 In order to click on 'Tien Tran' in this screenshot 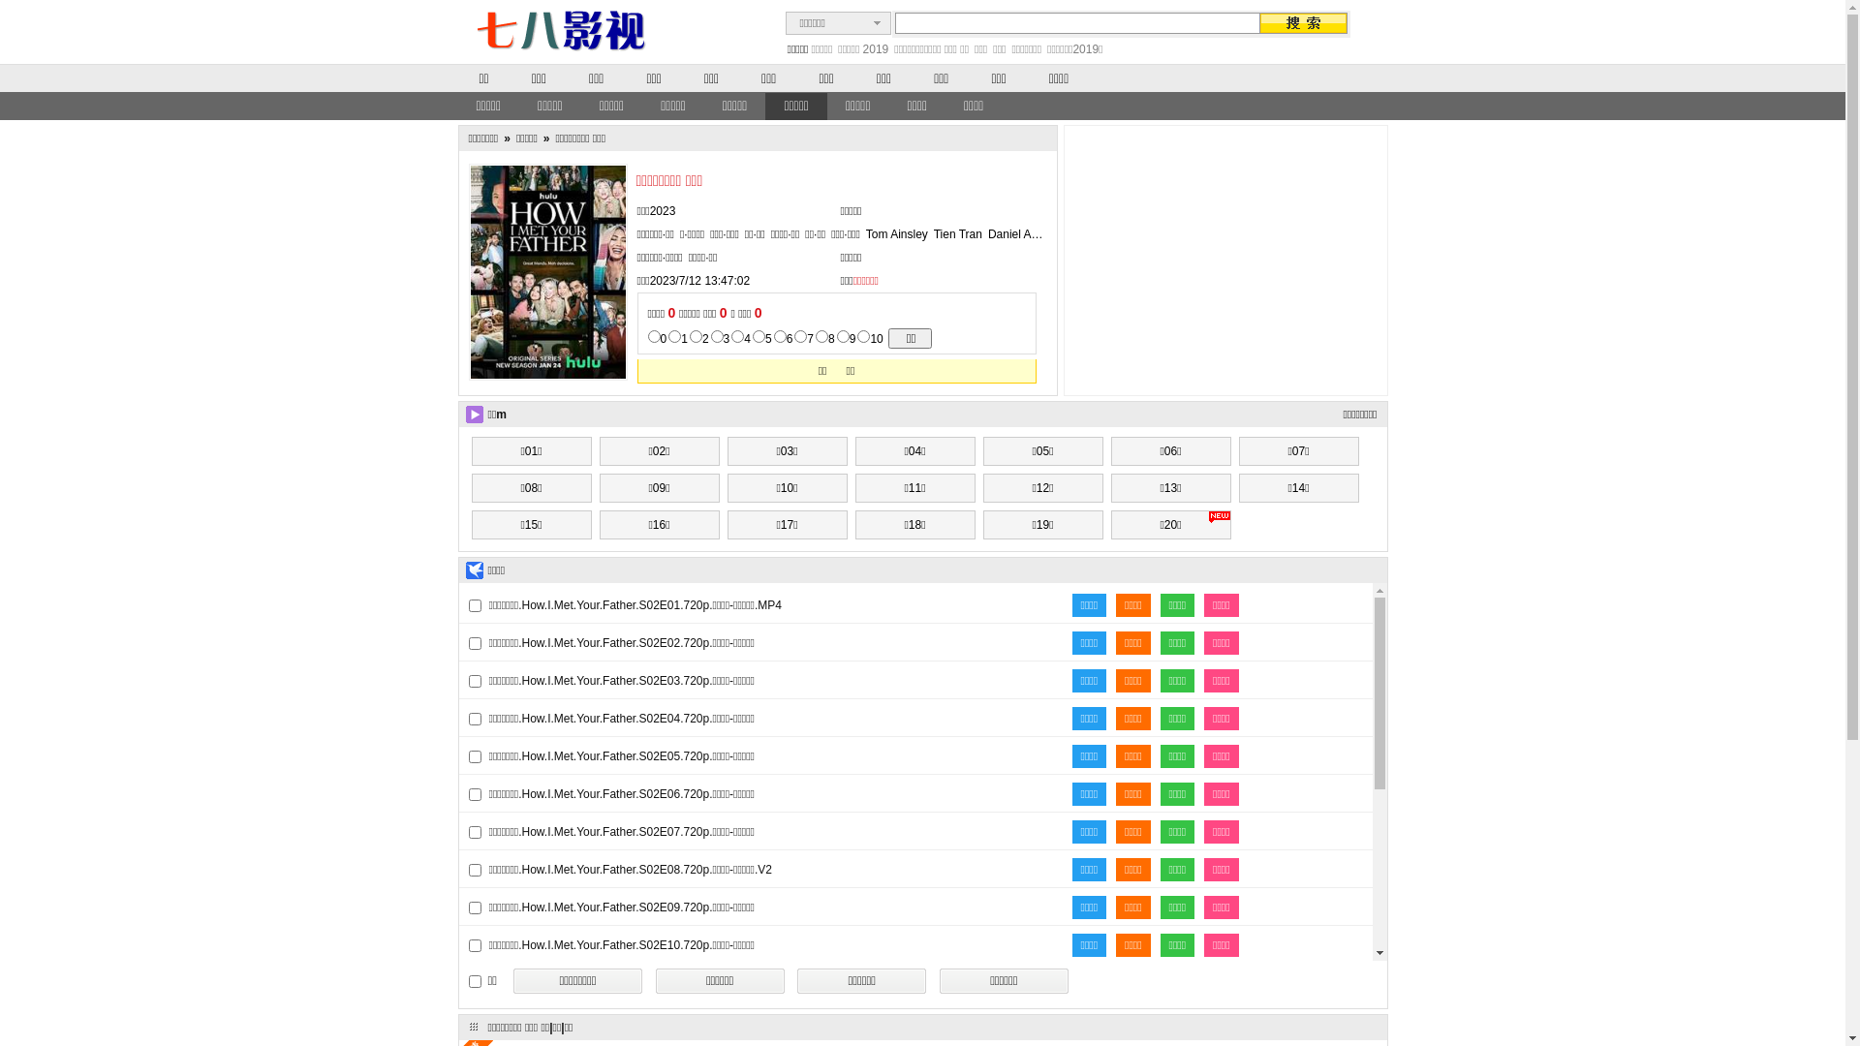, I will do `click(957, 233)`.